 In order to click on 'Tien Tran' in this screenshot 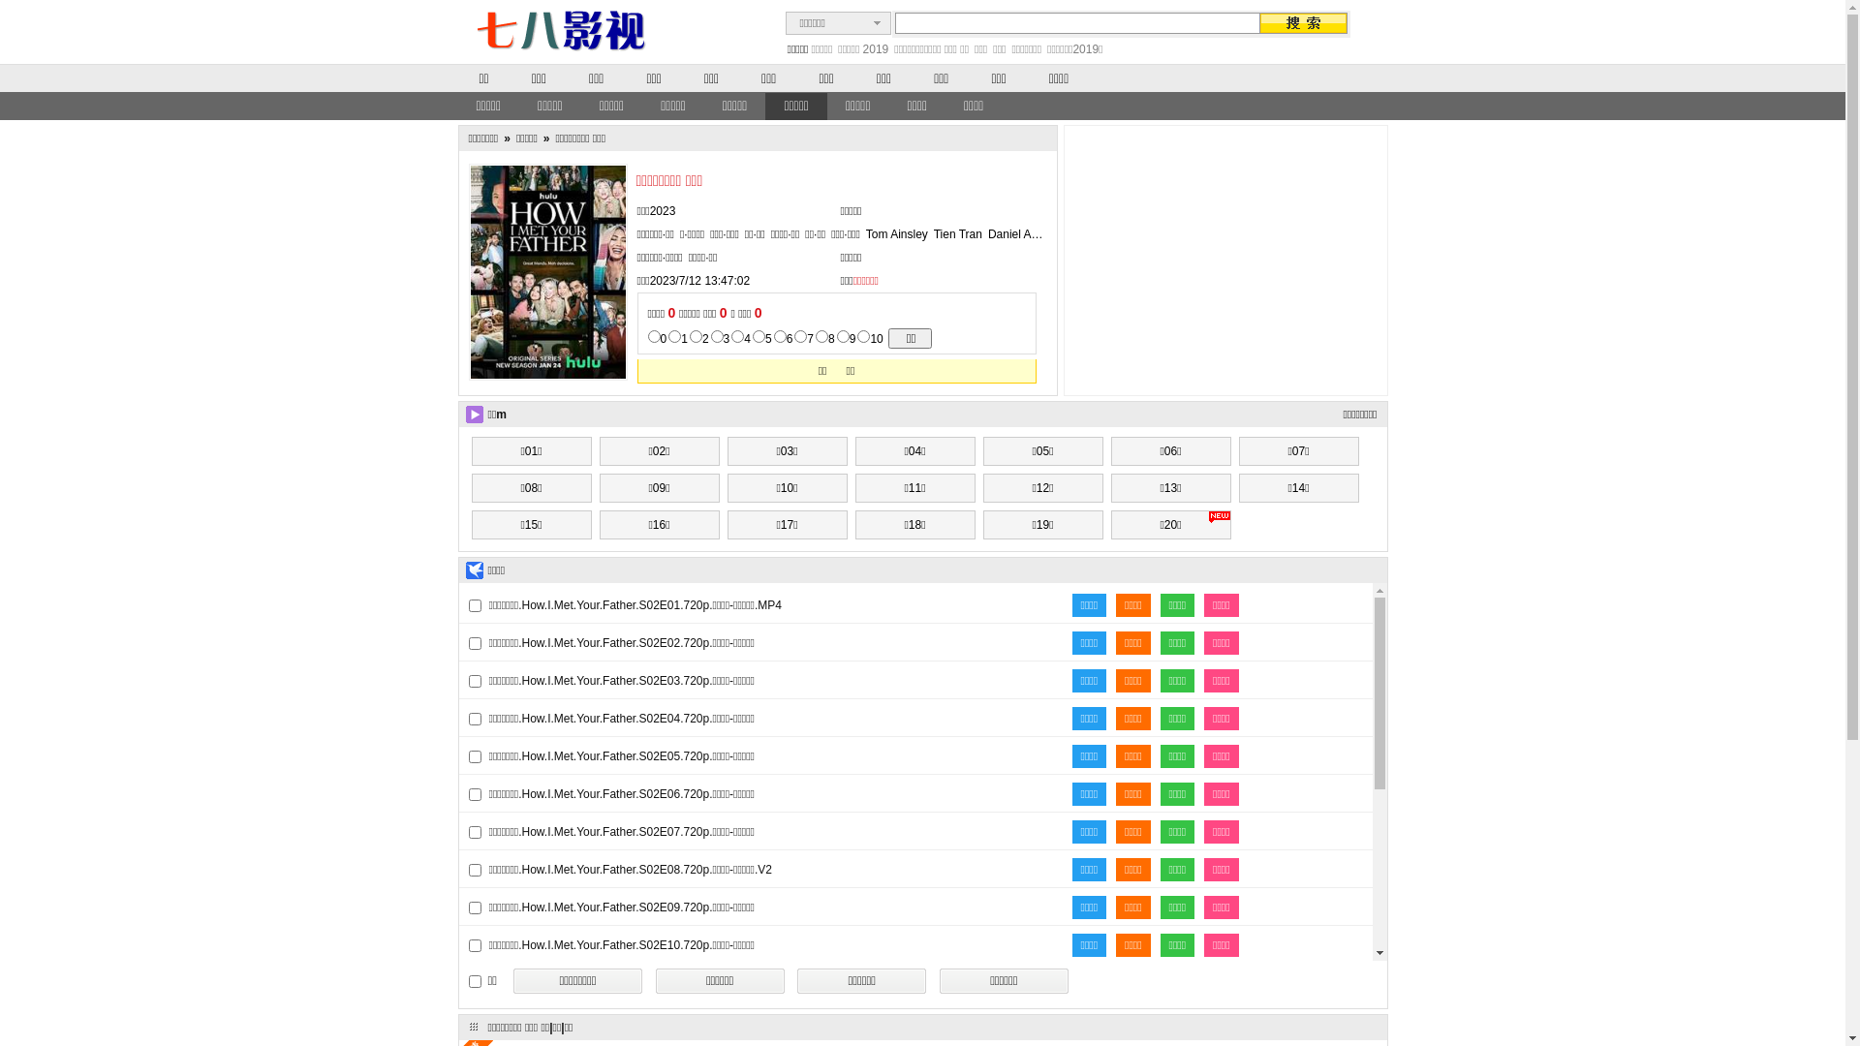, I will do `click(957, 233)`.